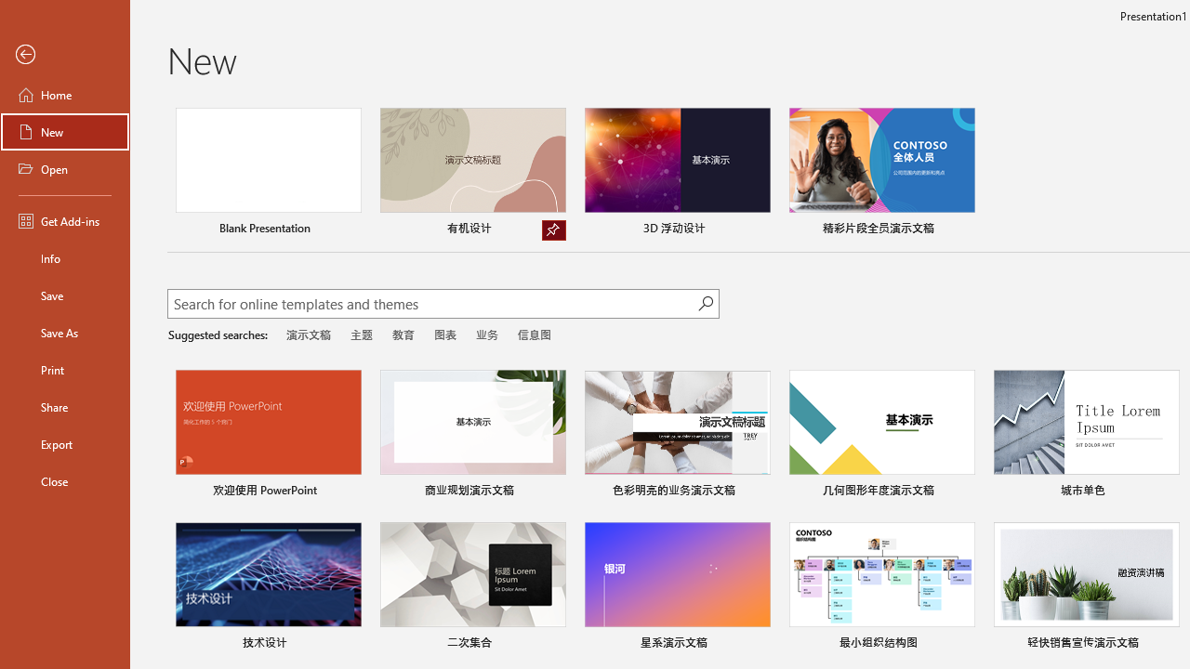  Describe the element at coordinates (64, 257) in the screenshot. I see `'Info'` at that location.